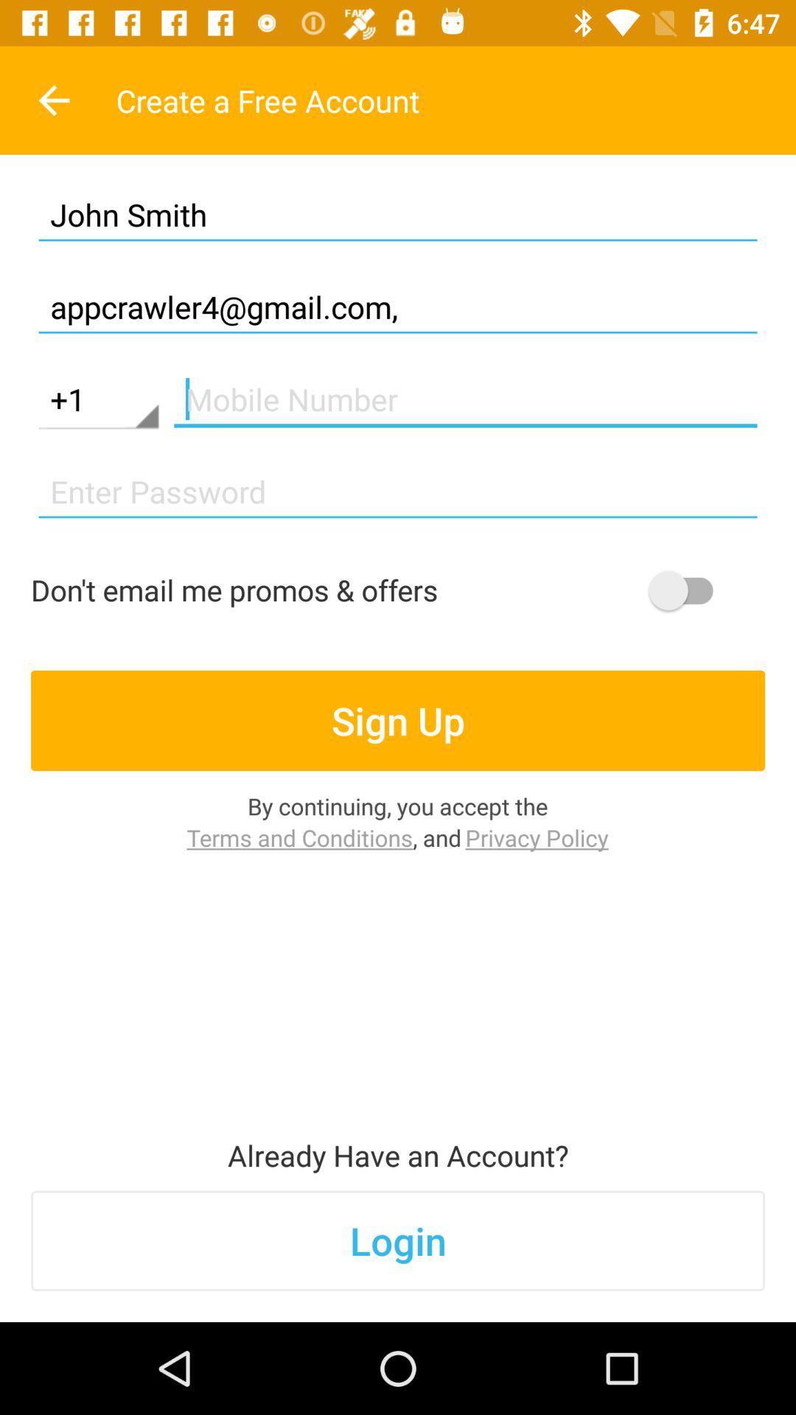  Describe the element at coordinates (398, 492) in the screenshot. I see `make your password` at that location.